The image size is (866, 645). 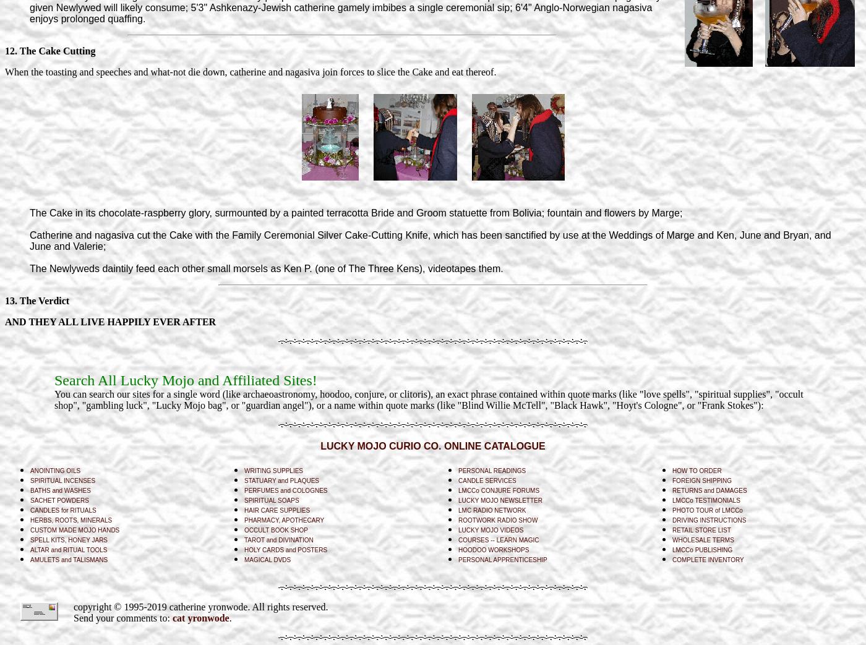 What do you see at coordinates (68, 539) in the screenshot?
I see `'SPELL KITS, HONEY JARS'` at bounding box center [68, 539].